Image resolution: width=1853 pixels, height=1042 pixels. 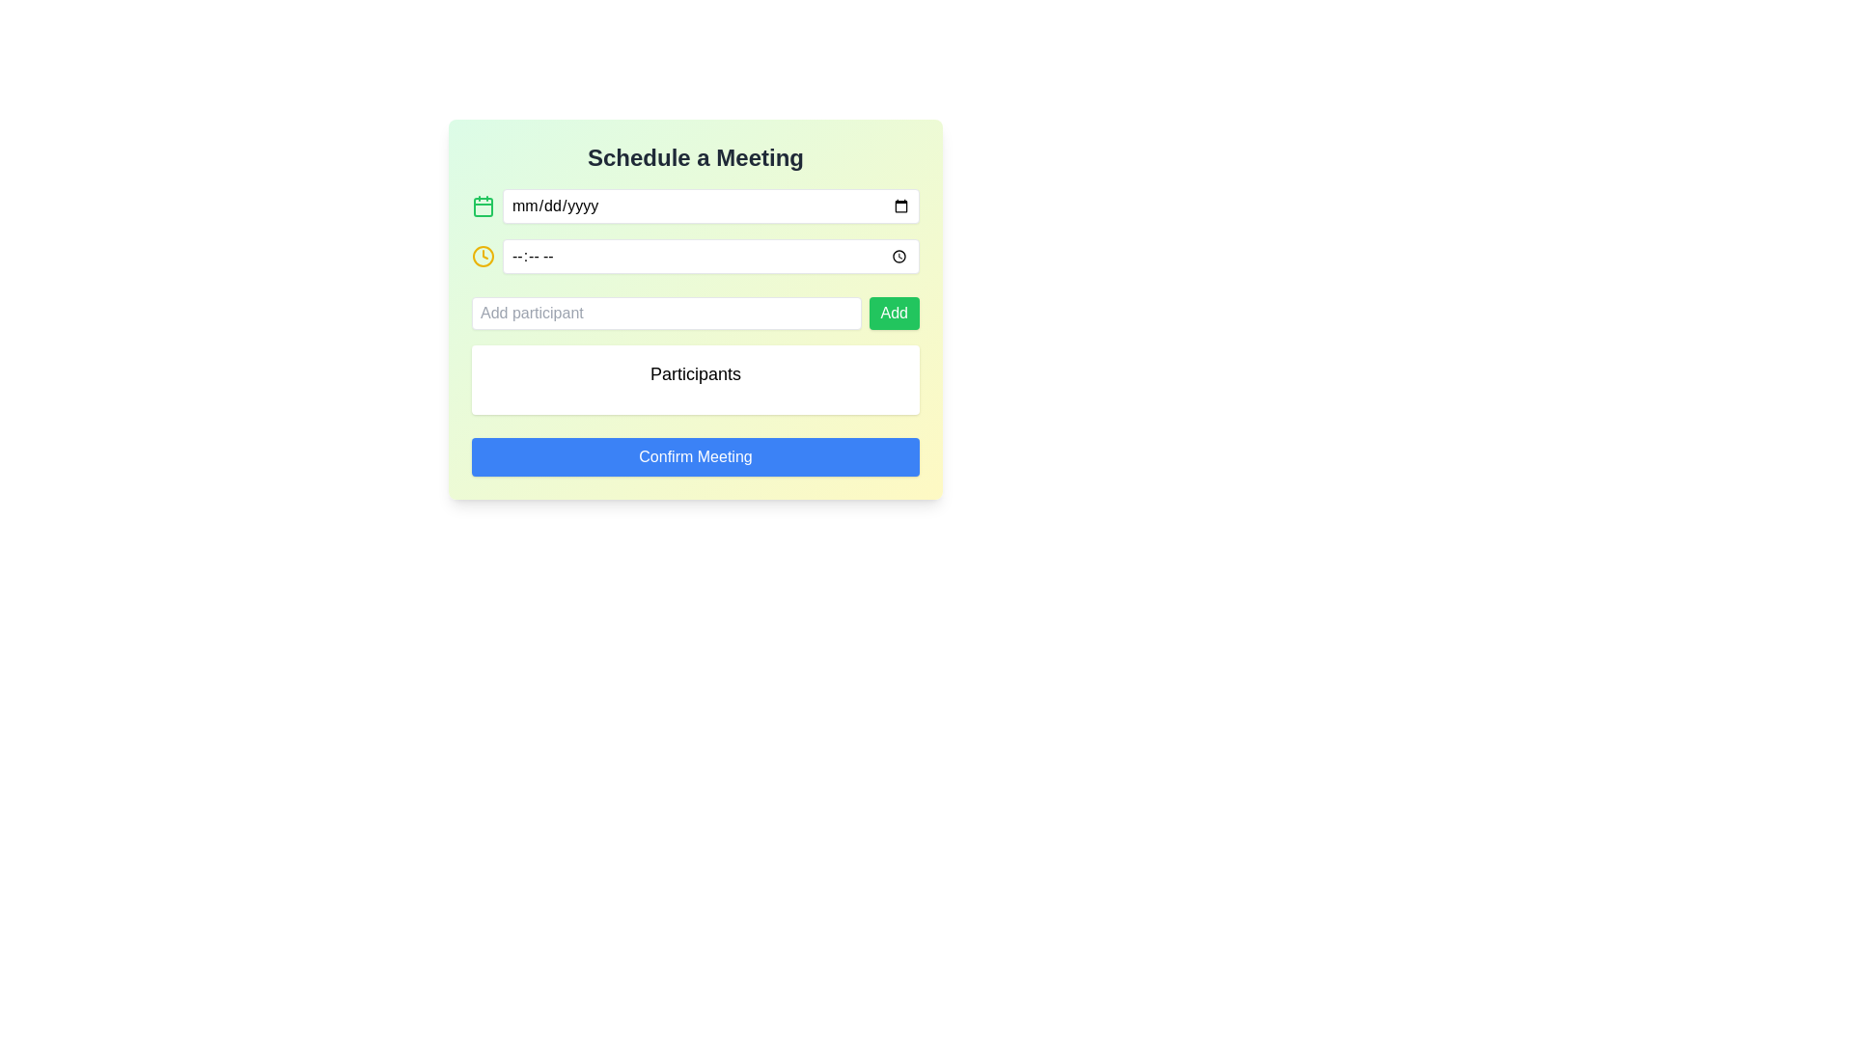 What do you see at coordinates (695, 206) in the screenshot?
I see `the date input field located in the Schedule a Meeting section to open the date picker` at bounding box center [695, 206].